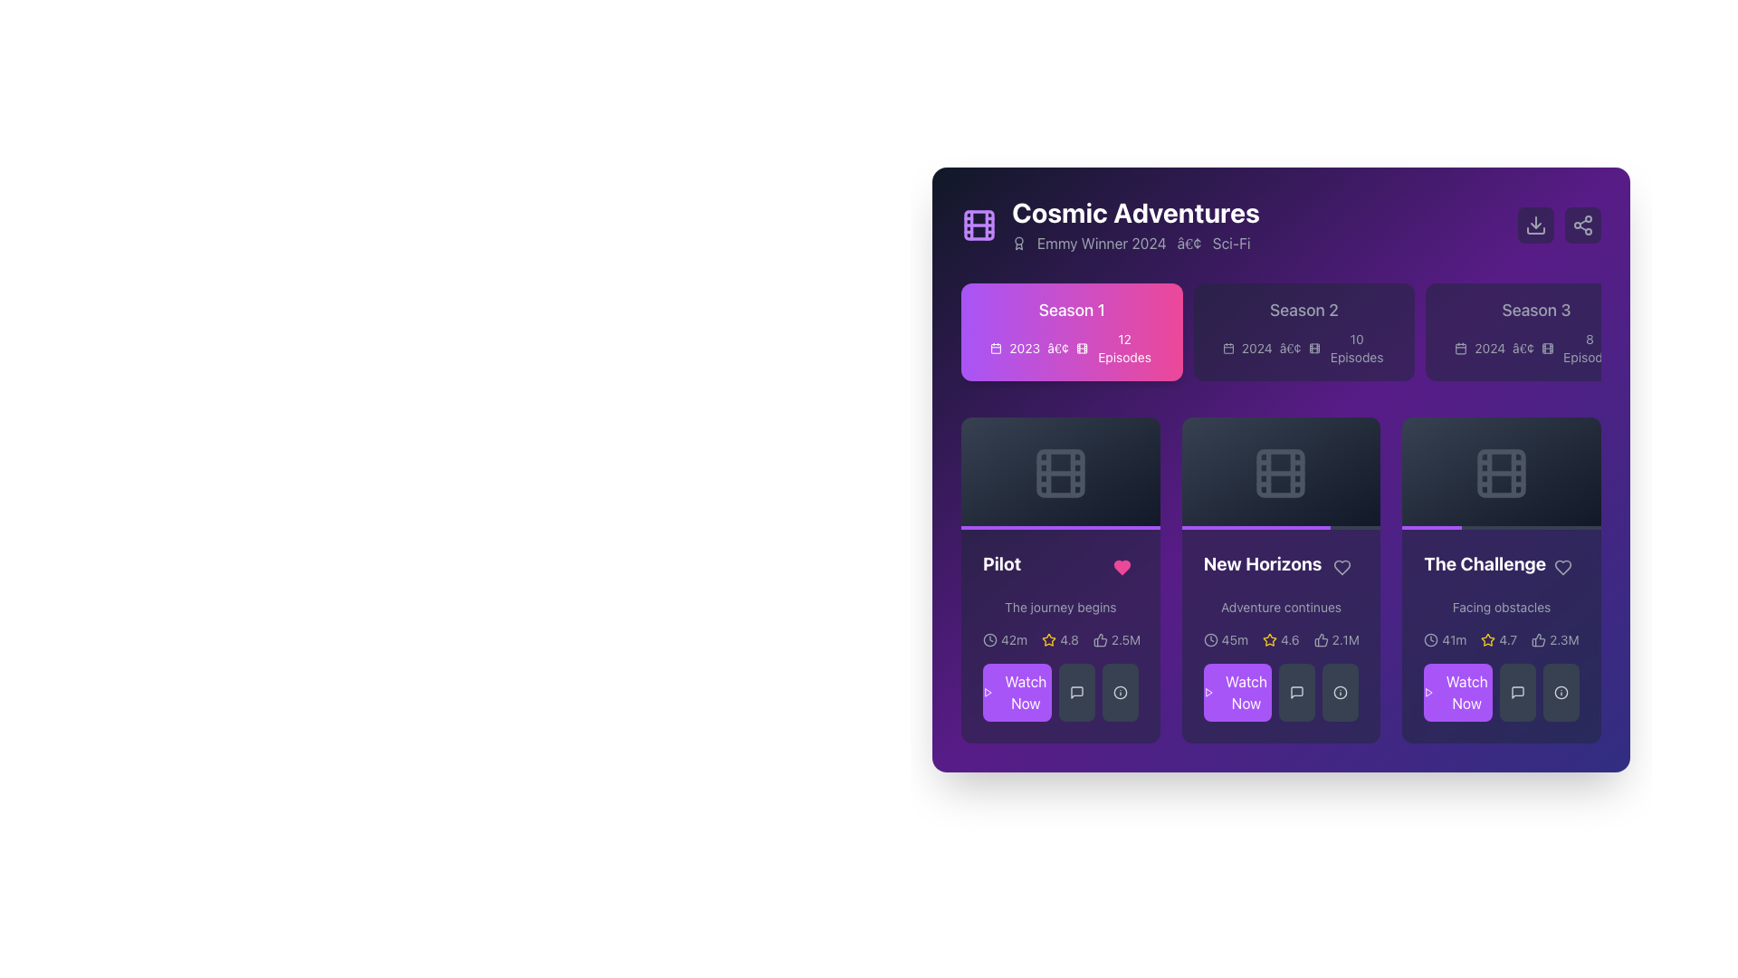 This screenshot has height=978, width=1738. I want to click on displayed information from the metadata display bar located within the 'Pilot' card, beneath the subtitle 'The journey begins', so click(1060, 638).